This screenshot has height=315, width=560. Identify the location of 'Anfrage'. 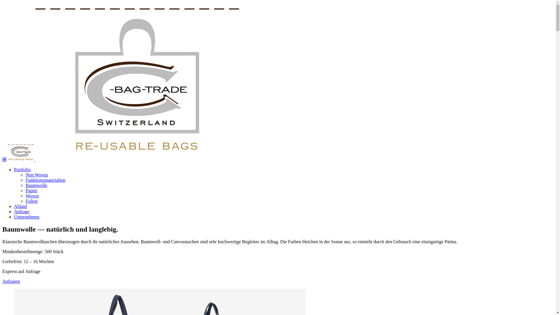
(14, 211).